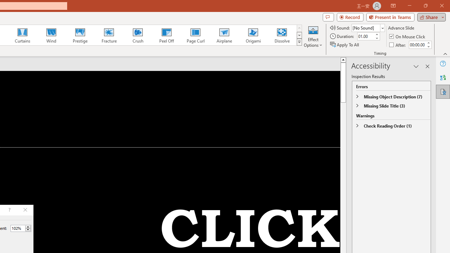 The width and height of the screenshot is (450, 253). Describe the element at coordinates (195, 35) in the screenshot. I see `'Page Curl'` at that location.